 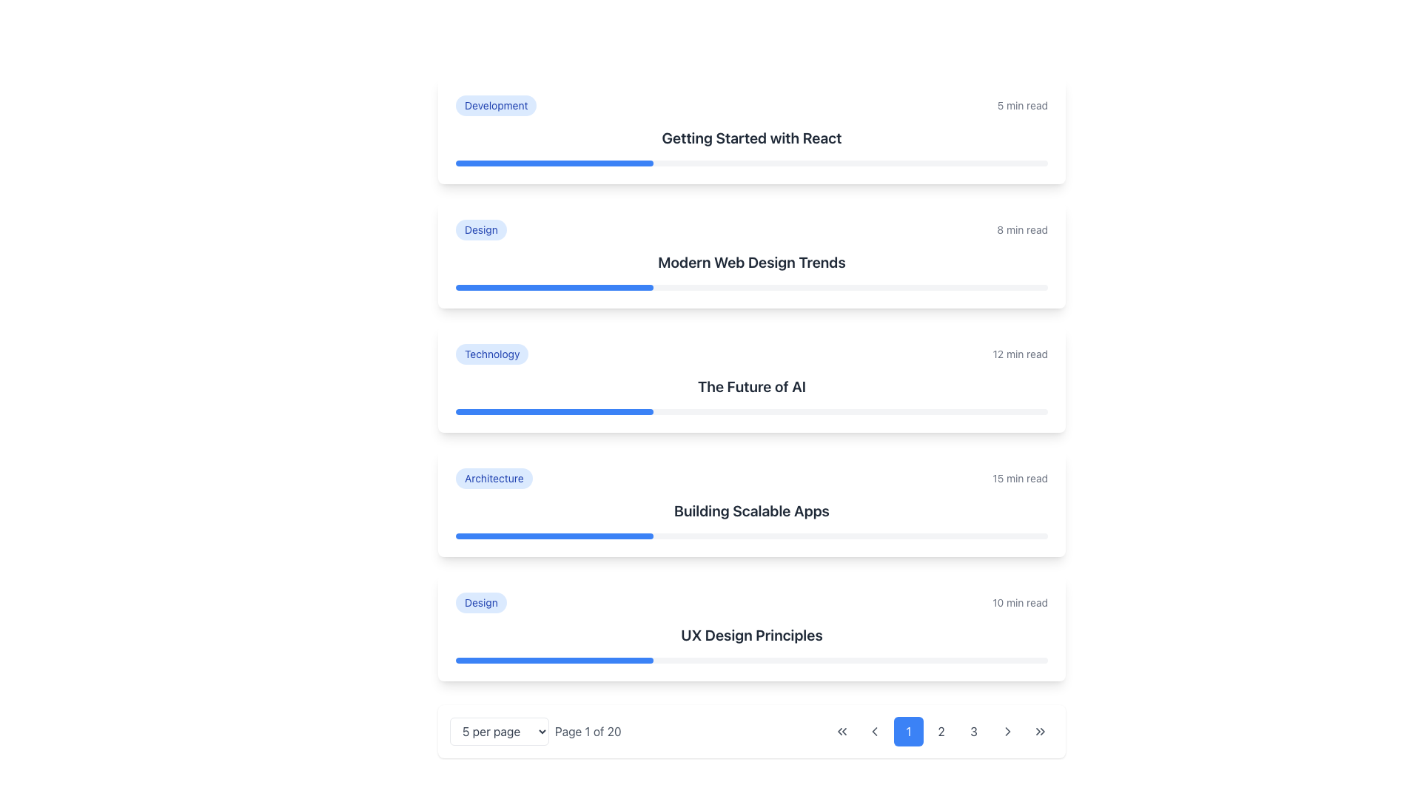 I want to click on the static text label displaying '12 min read', which is aligned to the far right of its row in the third row of a vertical list, so click(x=1019, y=354).